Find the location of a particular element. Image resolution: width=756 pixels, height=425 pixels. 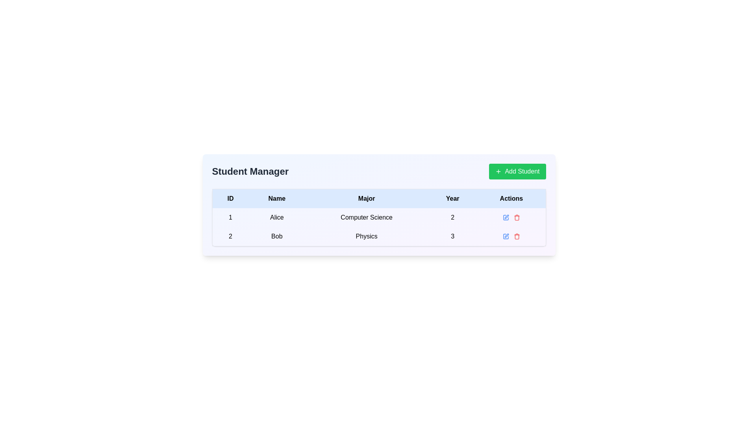

the Text label displaying the unique identifier (ID) for the corresponding row in the table, which is located in the first column of the first row, adjacent to the cell containing 'Alice' on its right side is located at coordinates (230, 217).